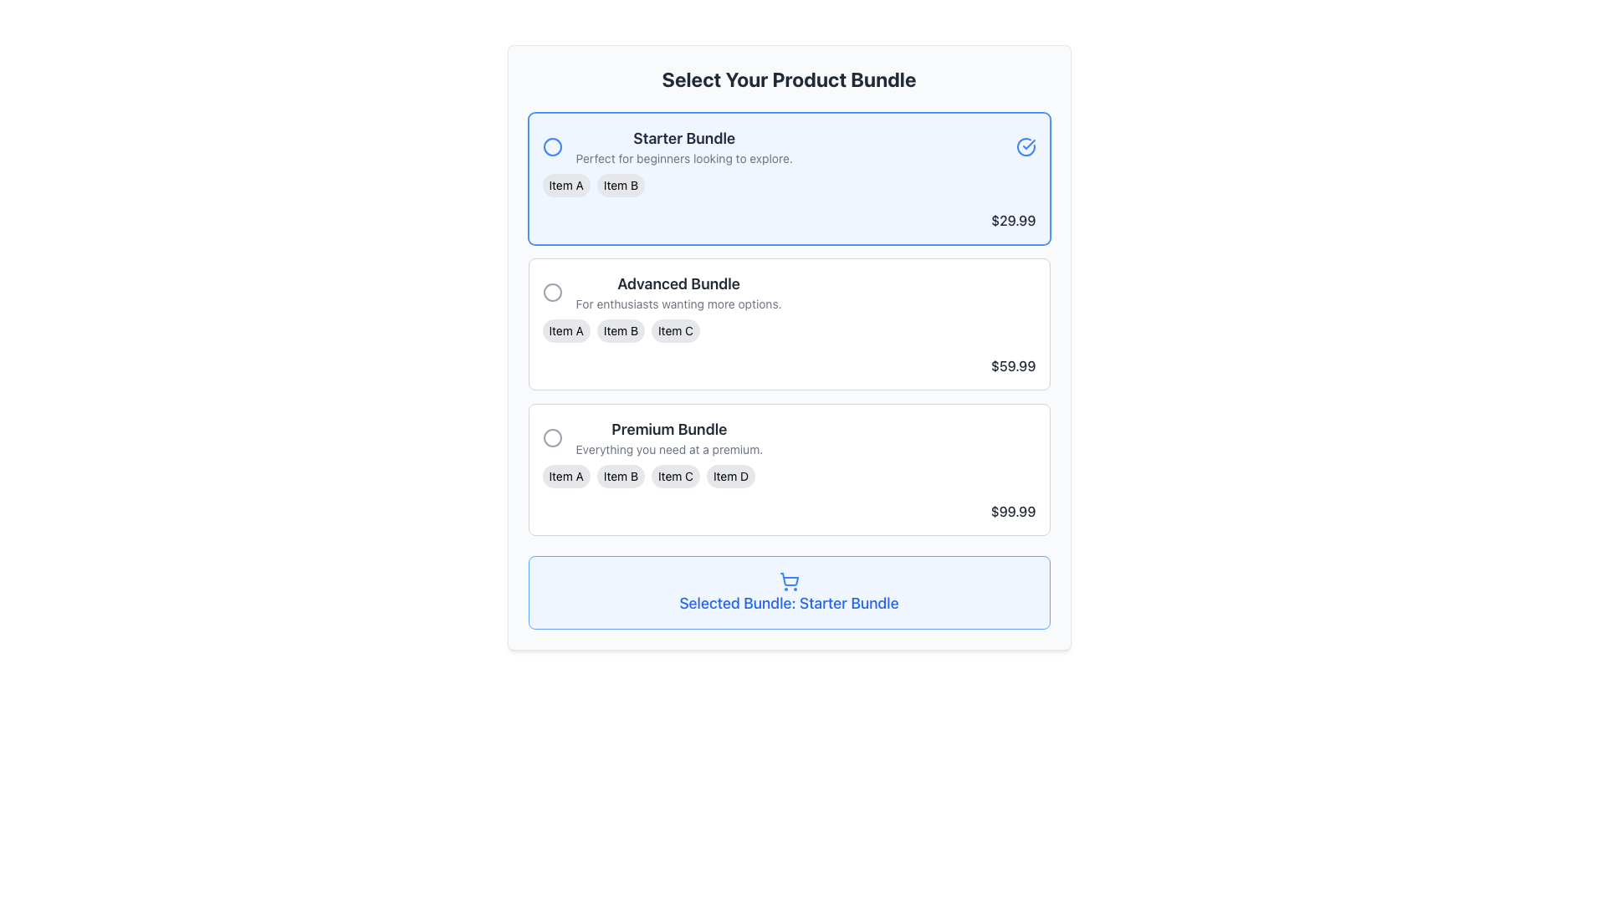 This screenshot has height=903, width=1606. Describe the element at coordinates (684, 158) in the screenshot. I see `descriptive tagline or additional information text located directly below the 'Starter Bundle' title within the first selection card` at that location.